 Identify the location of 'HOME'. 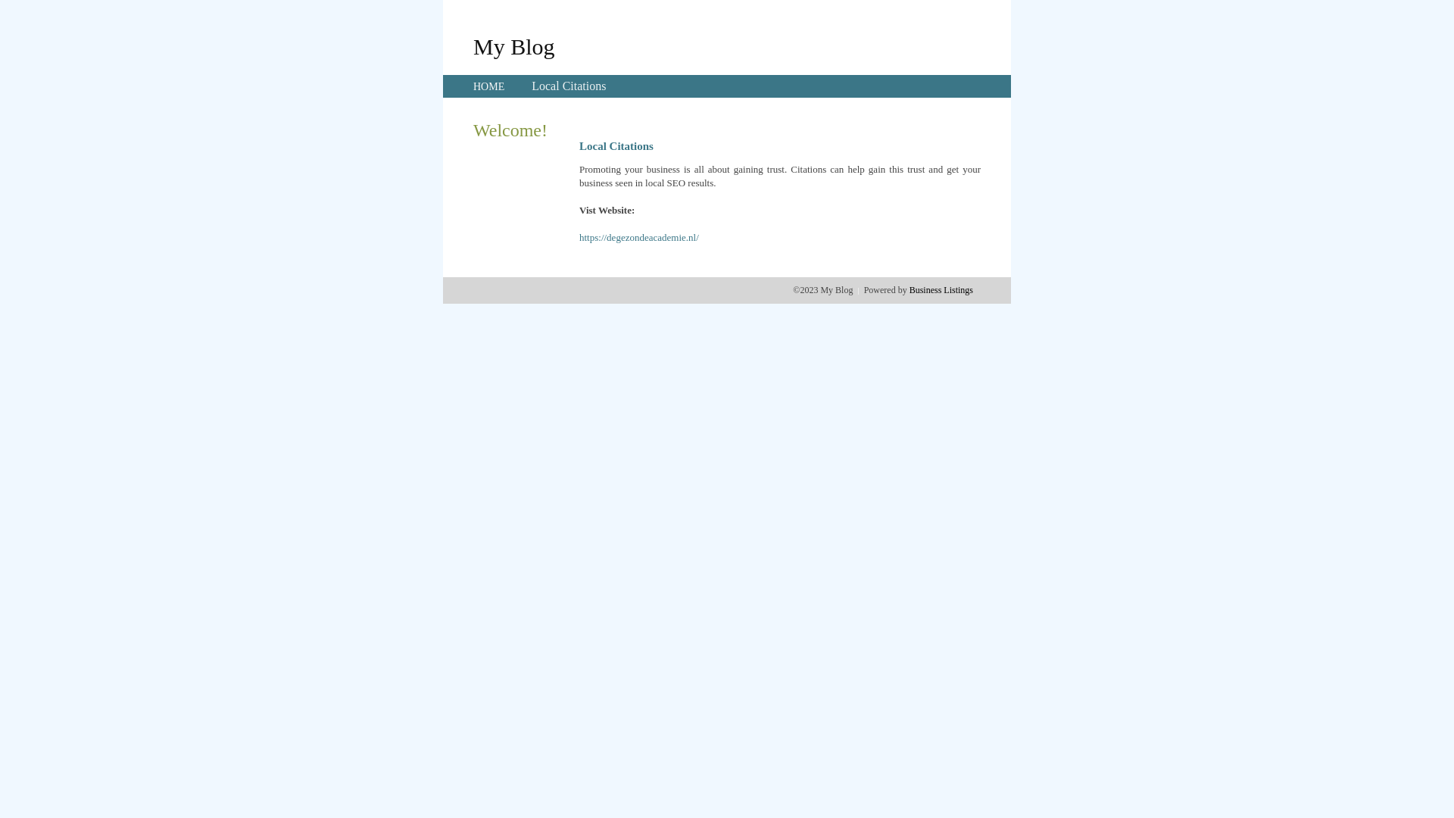
(488, 86).